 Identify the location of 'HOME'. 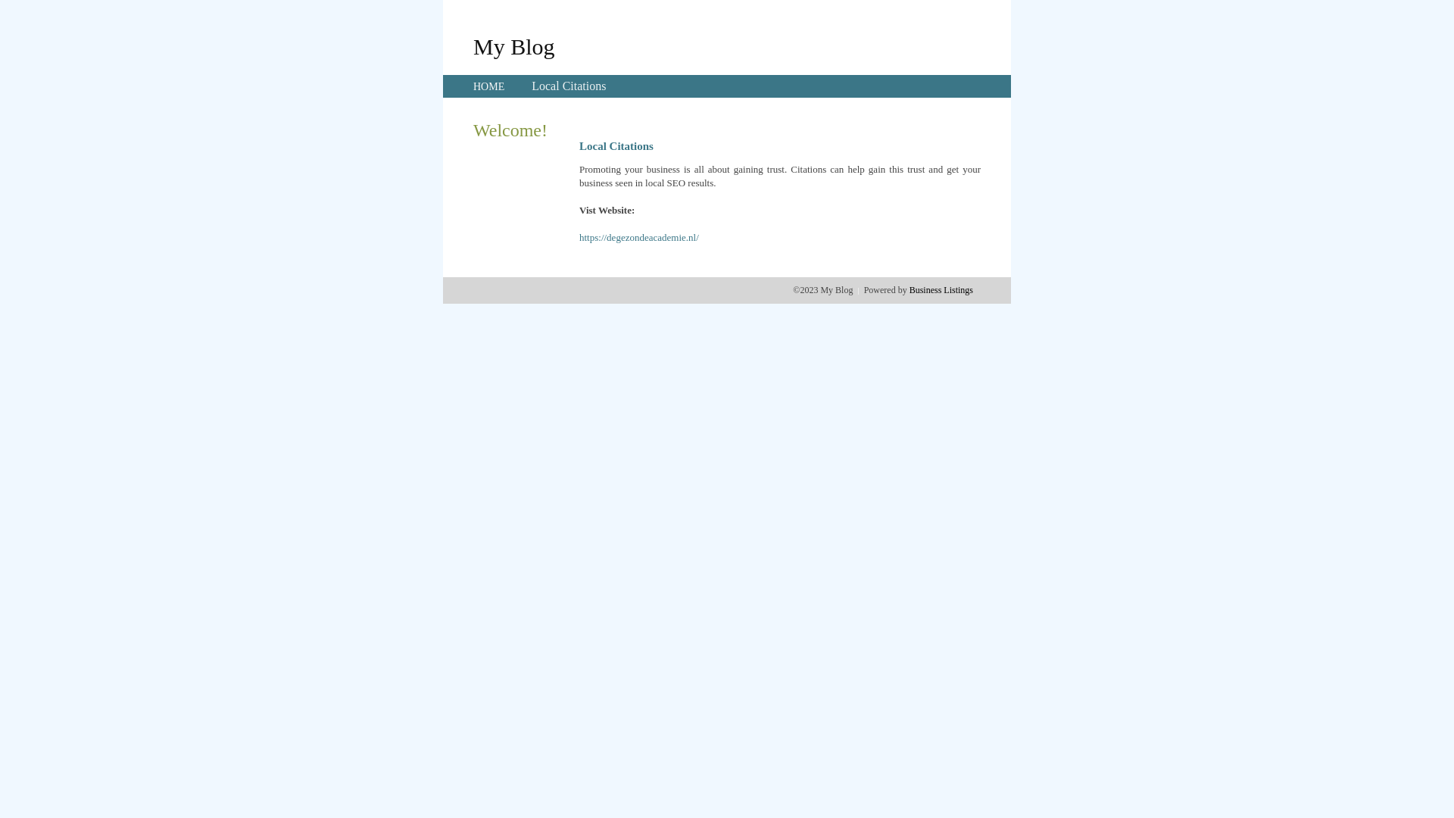
(488, 86).